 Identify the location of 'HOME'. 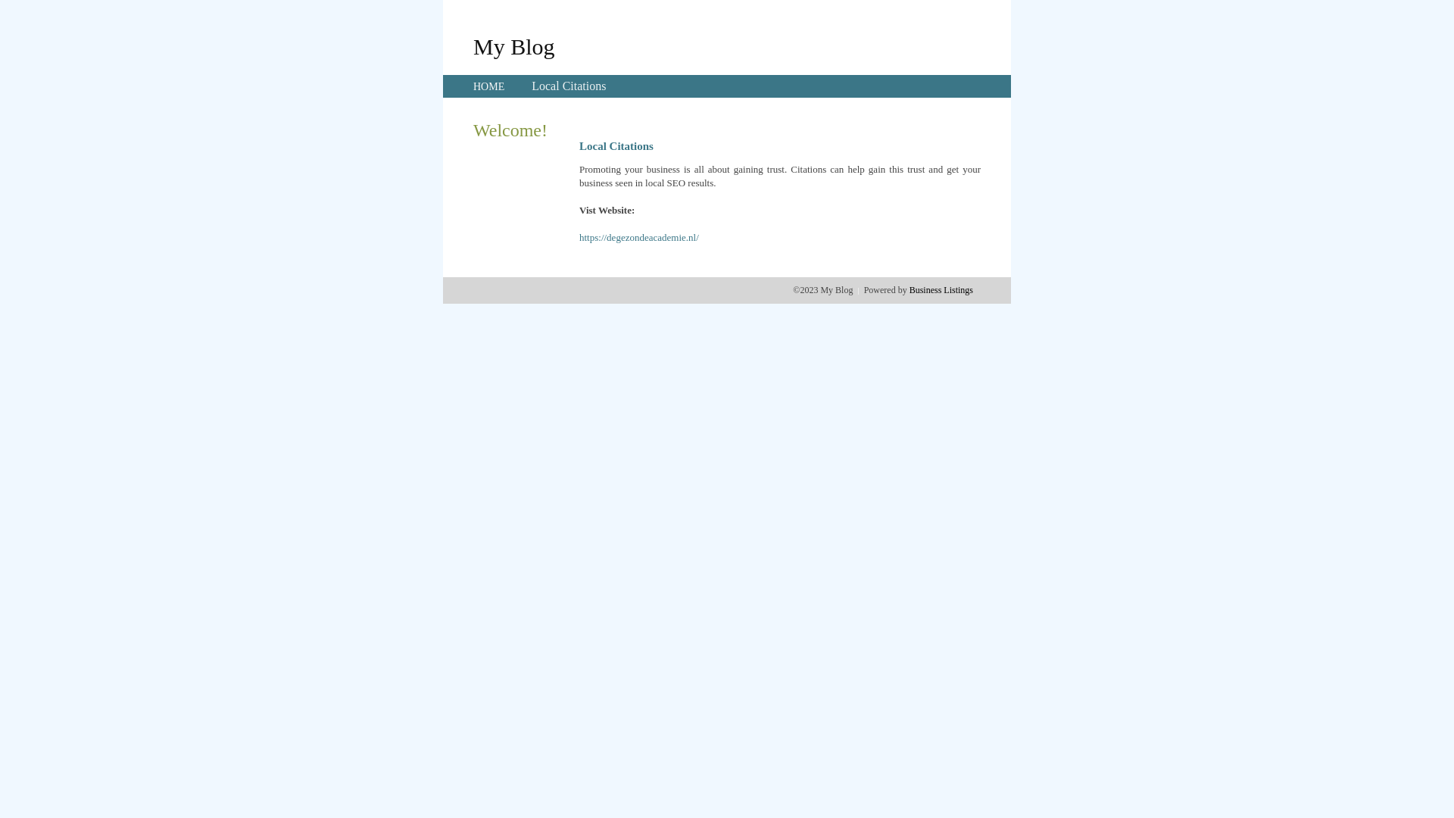
(488, 86).